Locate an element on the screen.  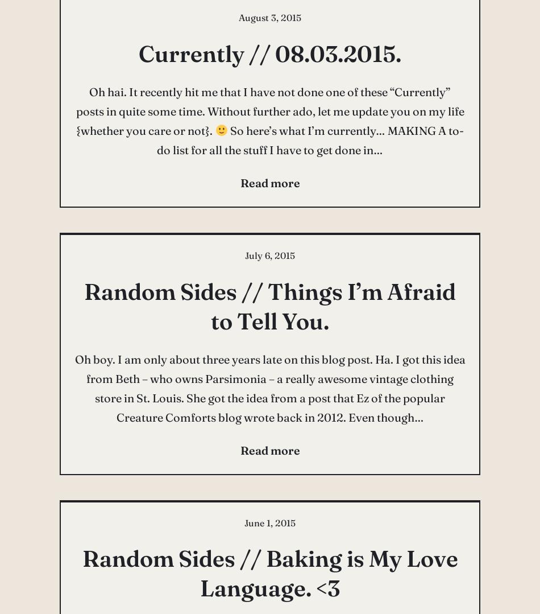
'August 3, 2015' is located at coordinates (270, 17).